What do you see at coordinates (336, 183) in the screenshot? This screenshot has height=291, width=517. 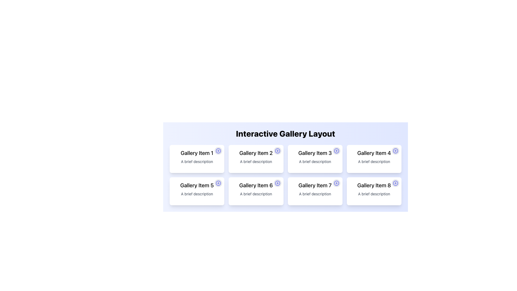 I see `the 'add' or 'plus' icon associated with 'Gallery Item 7', located at the top right corner of the card` at bounding box center [336, 183].